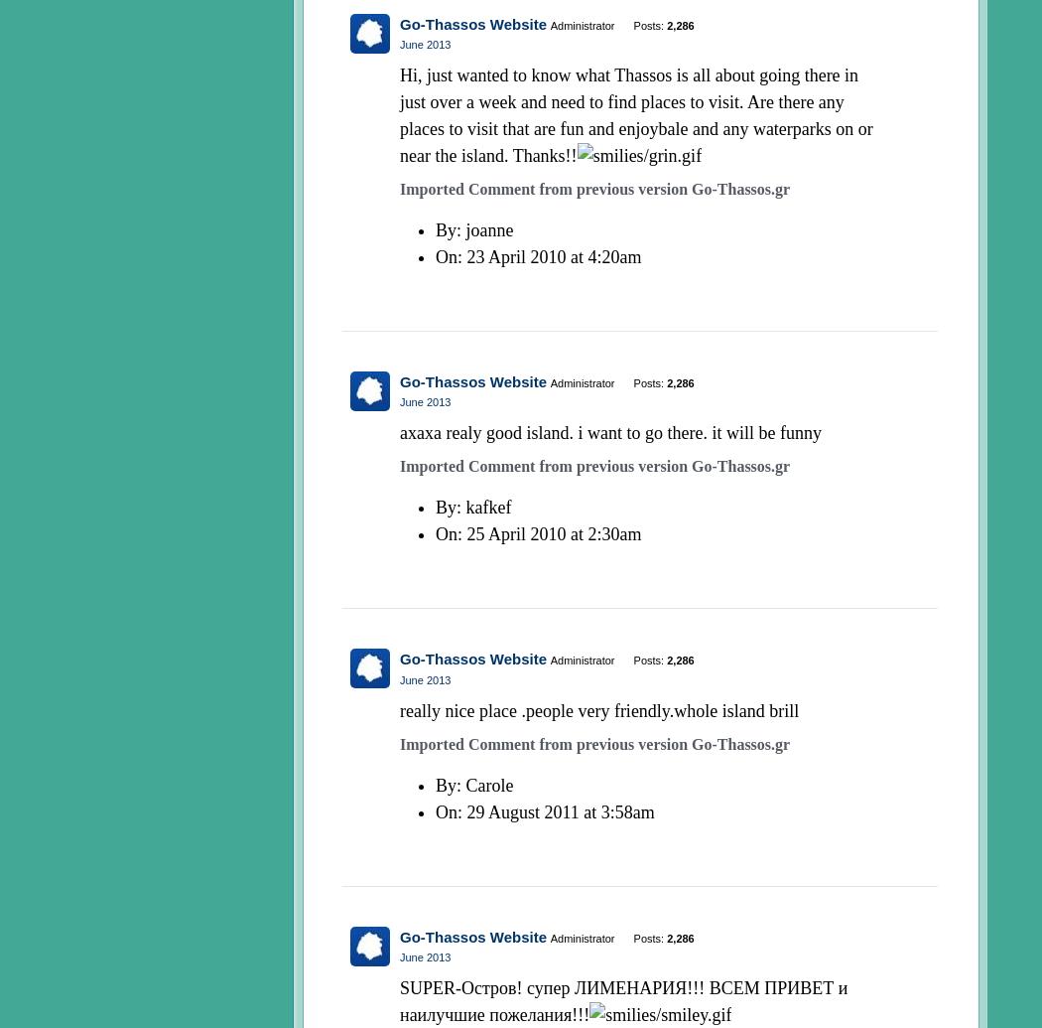  What do you see at coordinates (399, 708) in the screenshot?
I see `'really nice place .people very friendly.whole island brill'` at bounding box center [399, 708].